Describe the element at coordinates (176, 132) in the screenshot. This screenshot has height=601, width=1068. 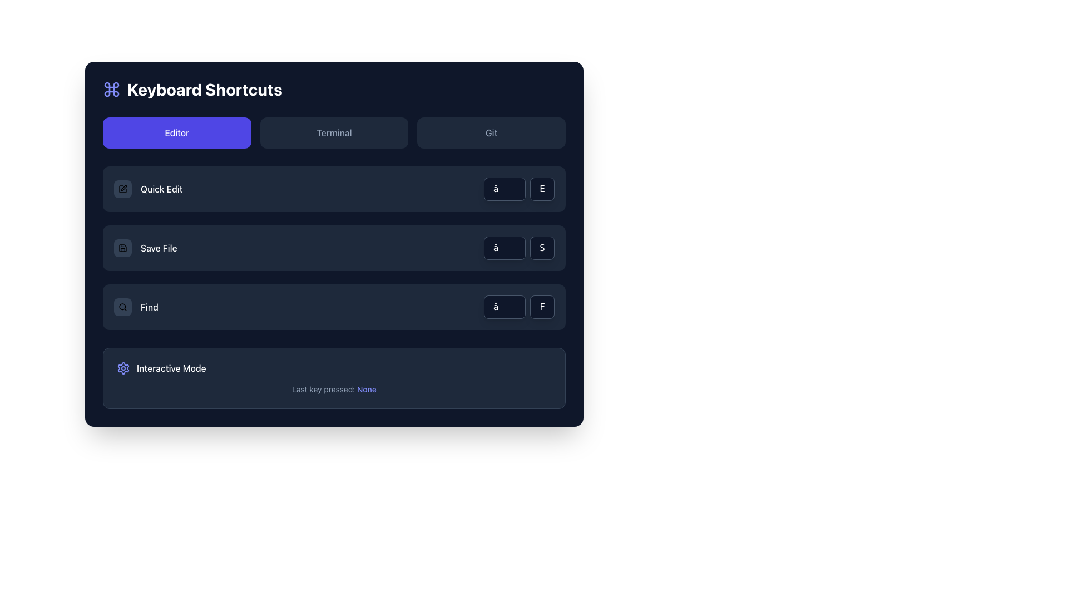
I see `the 'Editor' button with a vibrant indigo background and white text` at that location.